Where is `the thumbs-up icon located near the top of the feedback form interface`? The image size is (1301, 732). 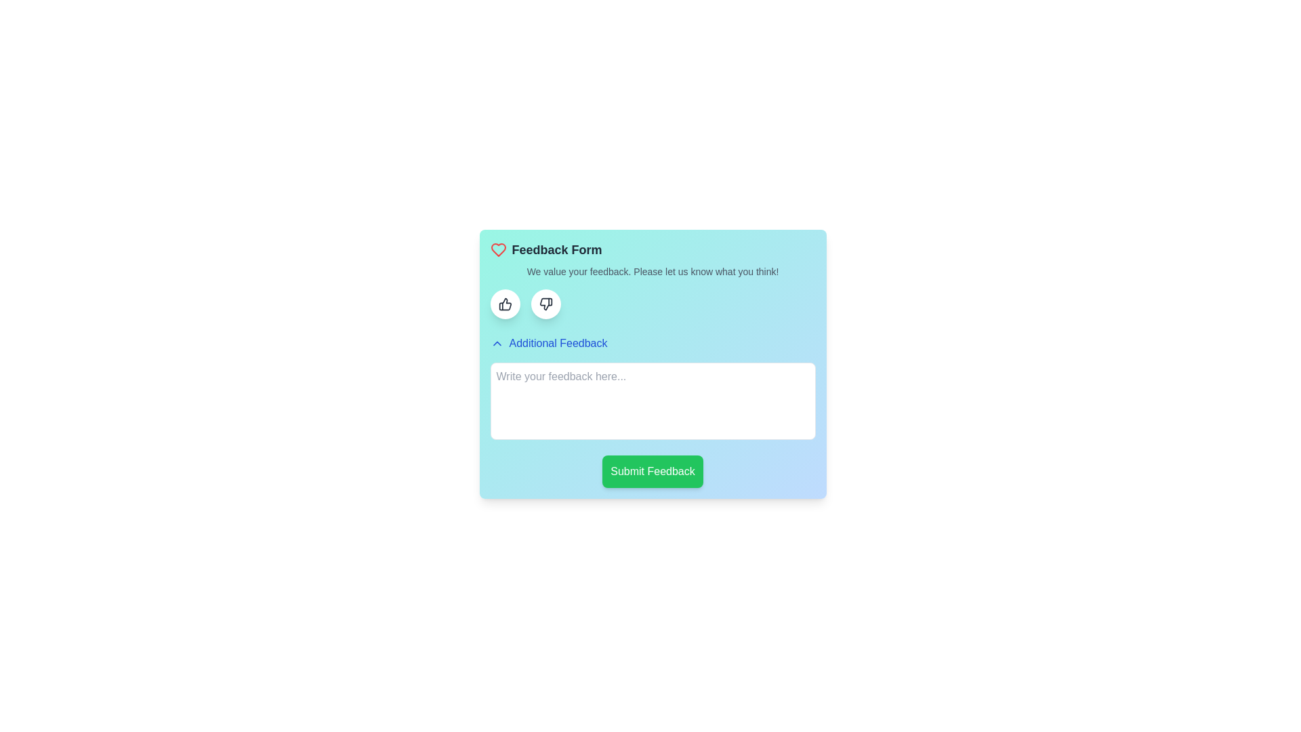
the thumbs-up icon located near the top of the feedback form interface is located at coordinates (504, 303).